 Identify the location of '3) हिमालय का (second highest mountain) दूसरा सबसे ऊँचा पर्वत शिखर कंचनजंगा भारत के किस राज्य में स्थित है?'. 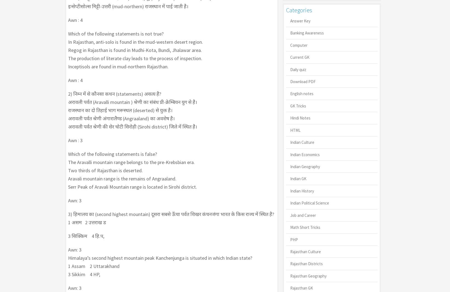
(170, 214).